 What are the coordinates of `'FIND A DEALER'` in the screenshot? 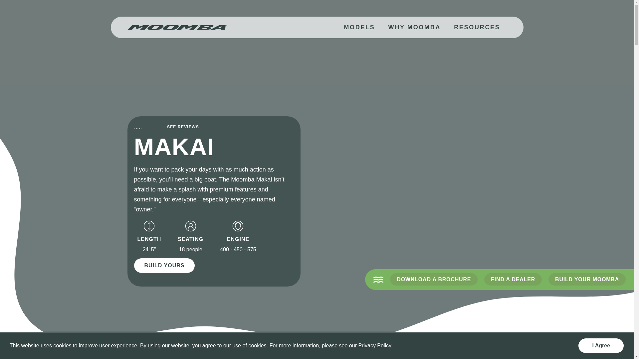 It's located at (513, 279).